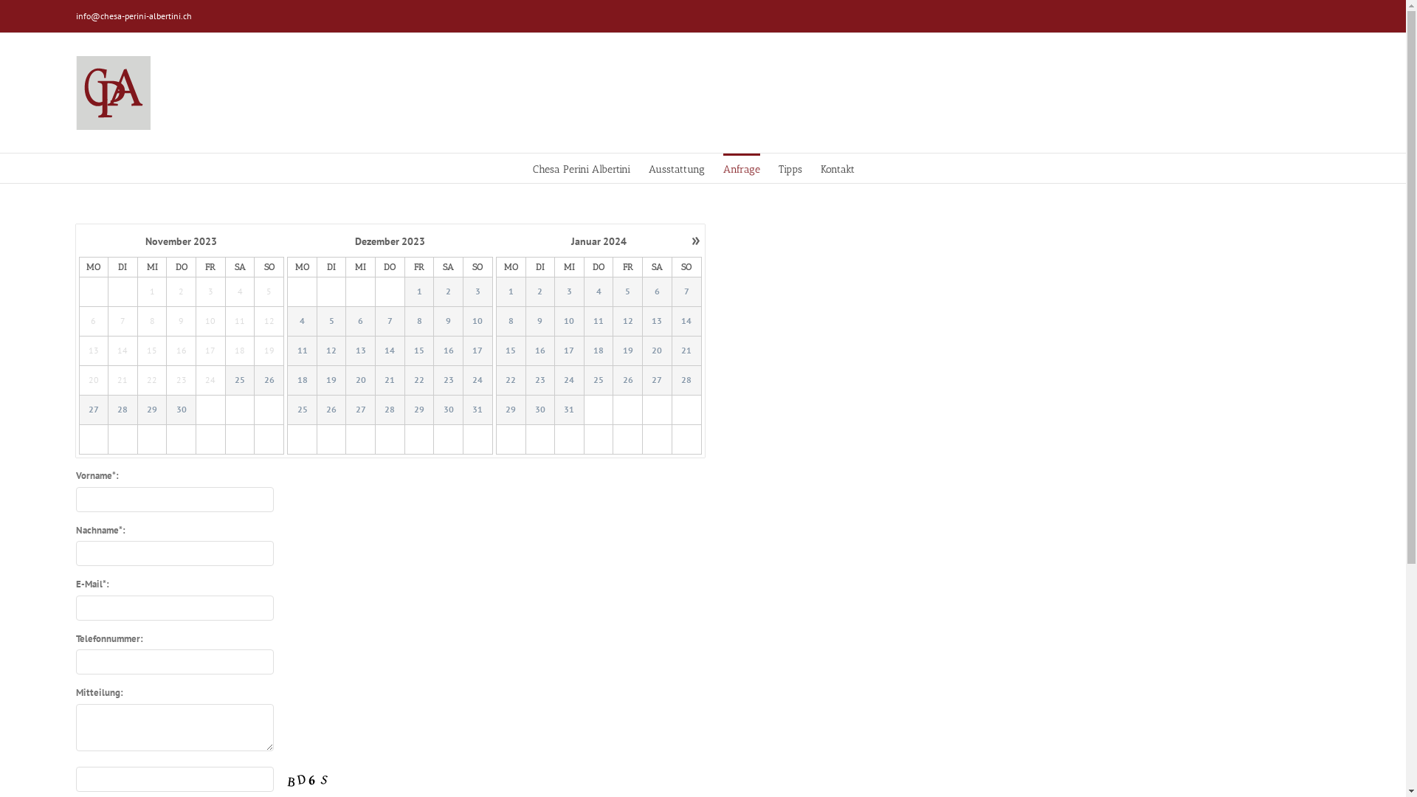 This screenshot has height=797, width=1417. Describe the element at coordinates (539, 380) in the screenshot. I see `'23'` at that location.